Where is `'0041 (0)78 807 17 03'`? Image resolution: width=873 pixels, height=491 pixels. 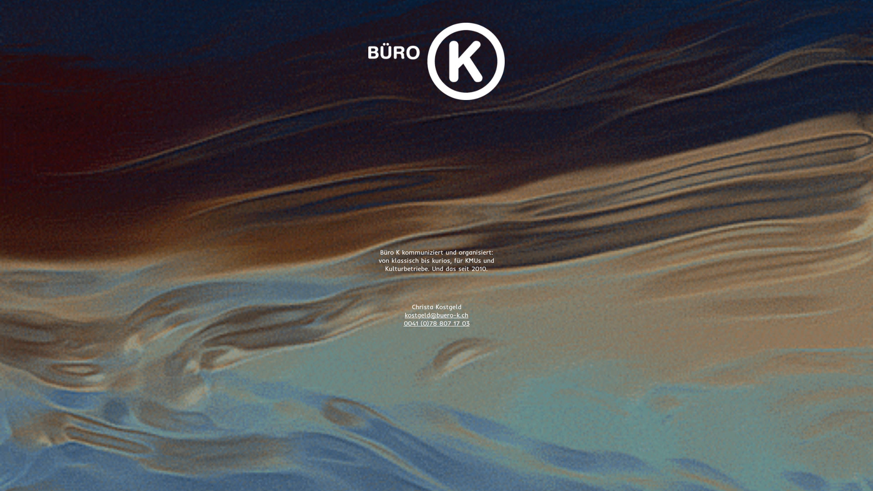 '0041 (0)78 807 17 03' is located at coordinates (436, 322).